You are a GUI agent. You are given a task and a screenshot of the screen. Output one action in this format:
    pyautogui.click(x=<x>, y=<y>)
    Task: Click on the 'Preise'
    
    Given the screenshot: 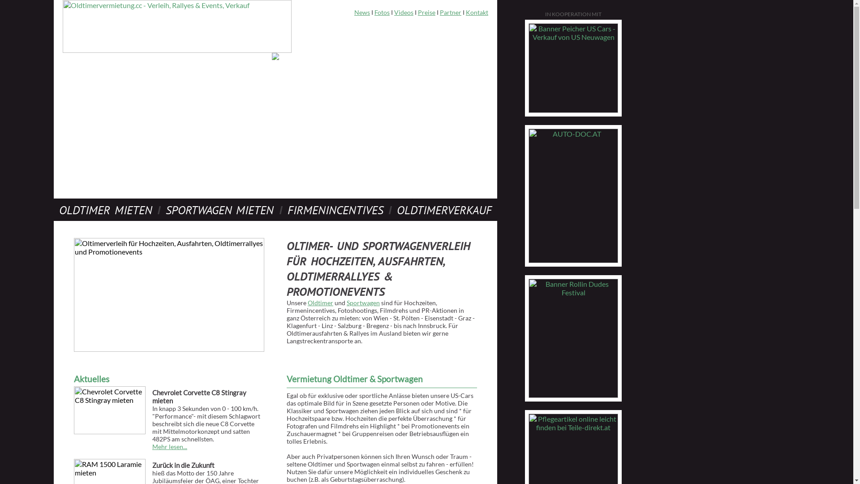 What is the action you would take?
    pyautogui.click(x=417, y=12)
    